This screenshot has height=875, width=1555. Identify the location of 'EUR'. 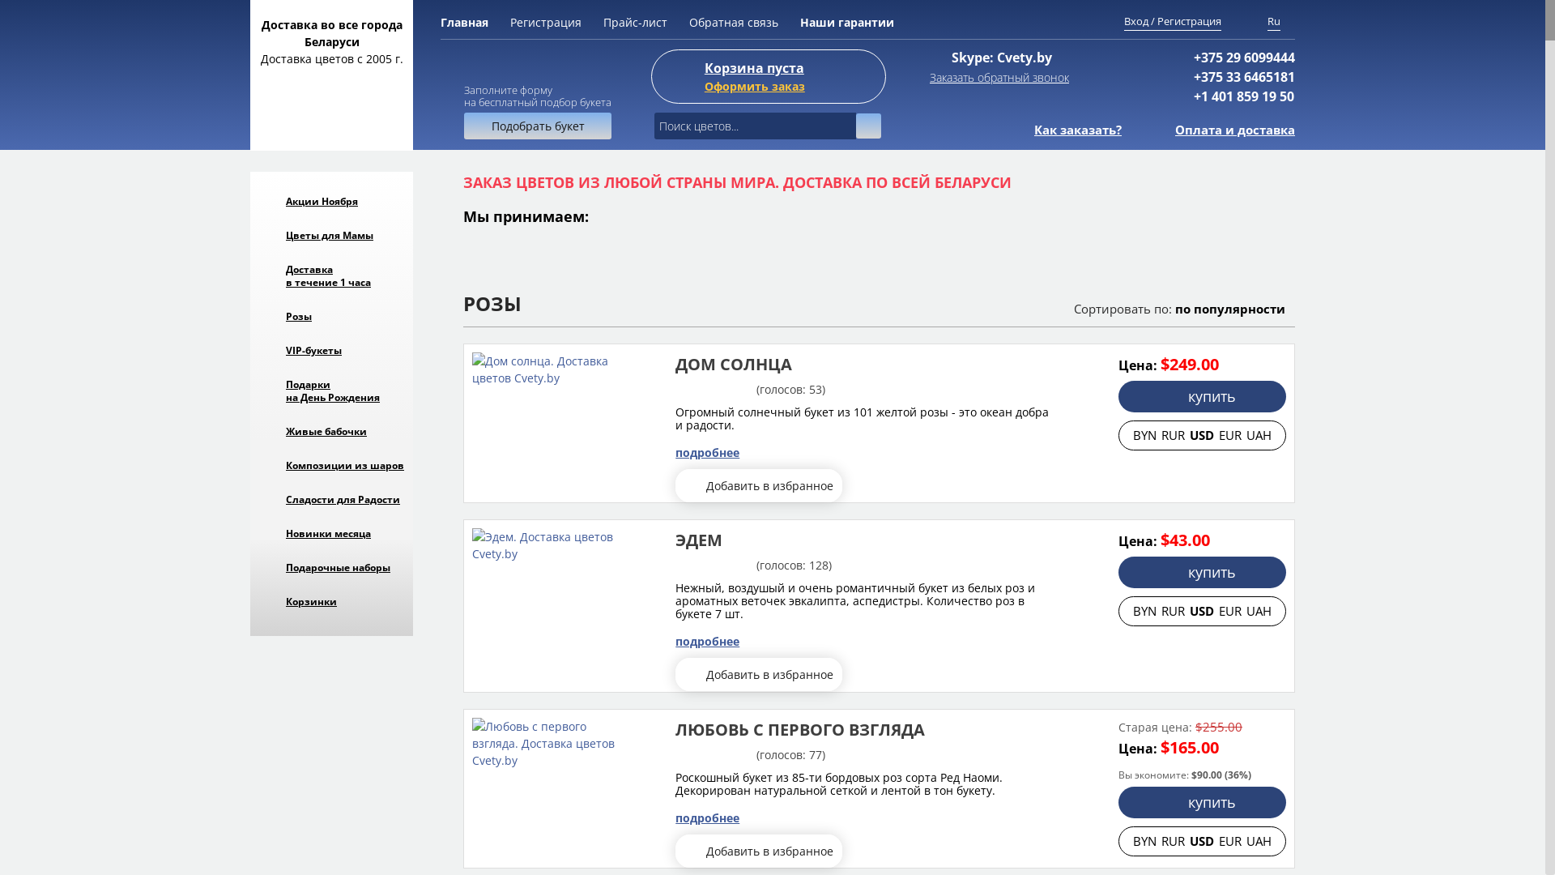
(1231, 433).